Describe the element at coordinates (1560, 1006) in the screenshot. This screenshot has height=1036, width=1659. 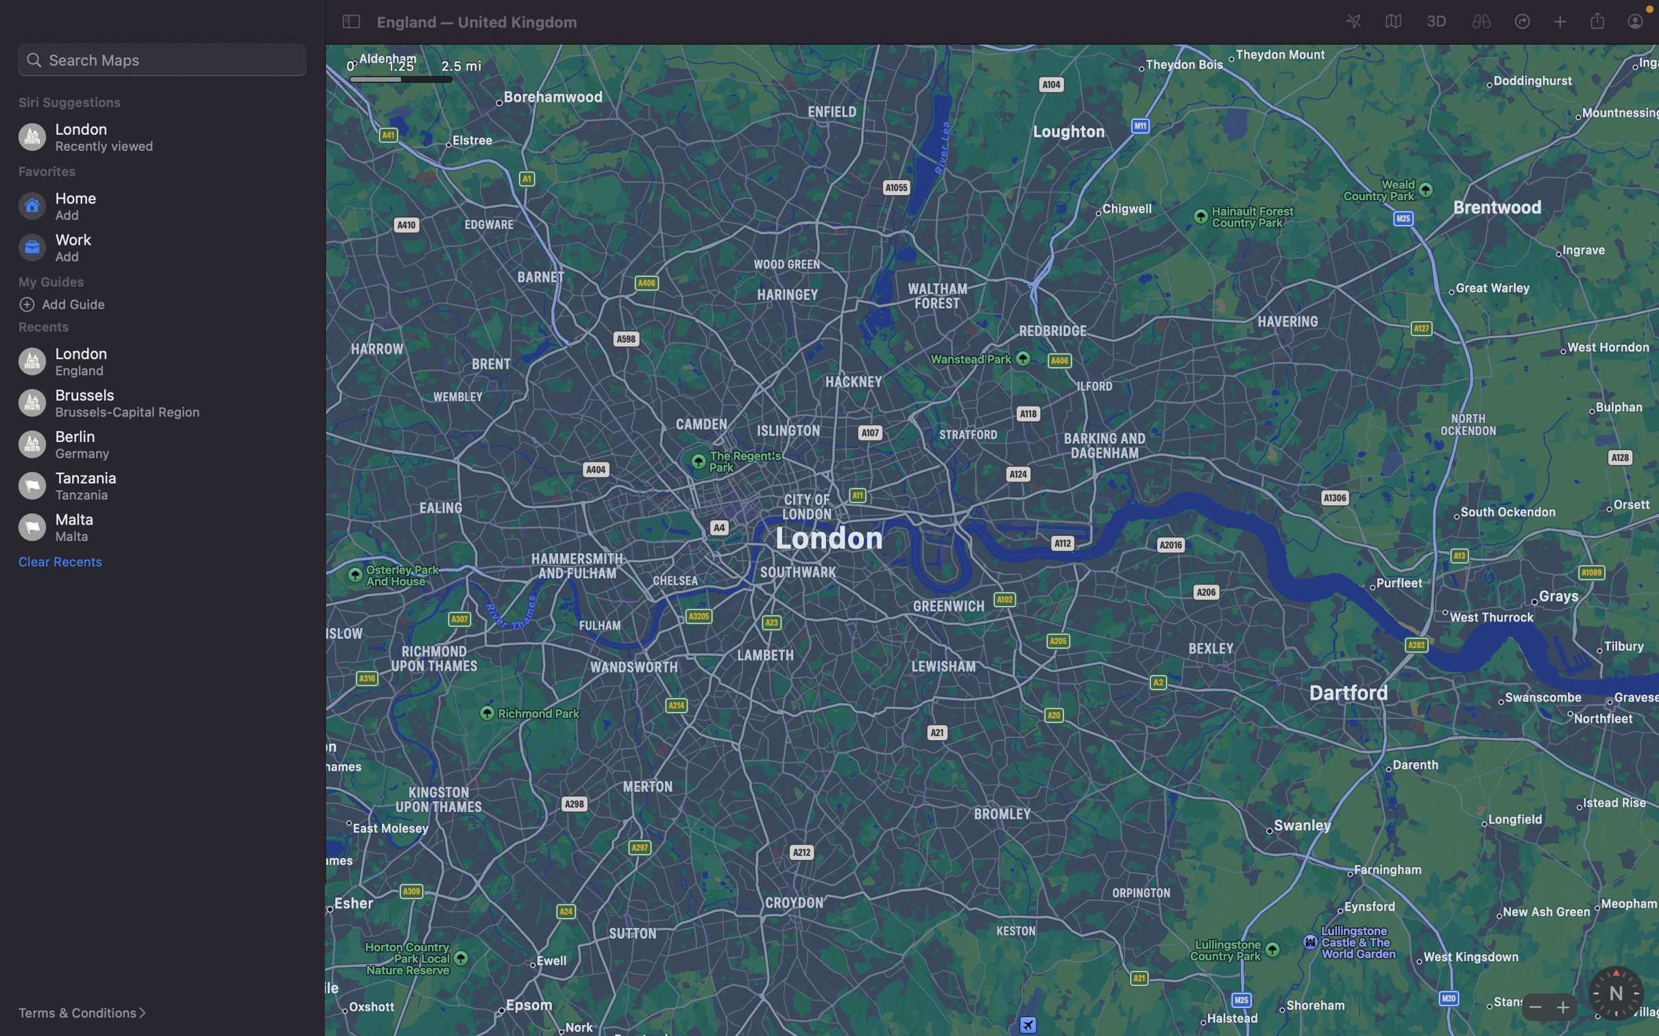
I see `Expand the map"s detail view` at that location.